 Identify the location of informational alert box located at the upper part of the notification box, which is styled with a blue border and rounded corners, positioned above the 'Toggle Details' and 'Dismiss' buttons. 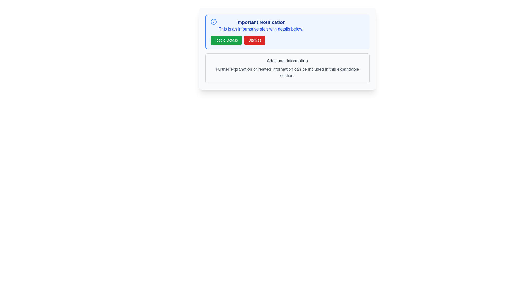
(288, 25).